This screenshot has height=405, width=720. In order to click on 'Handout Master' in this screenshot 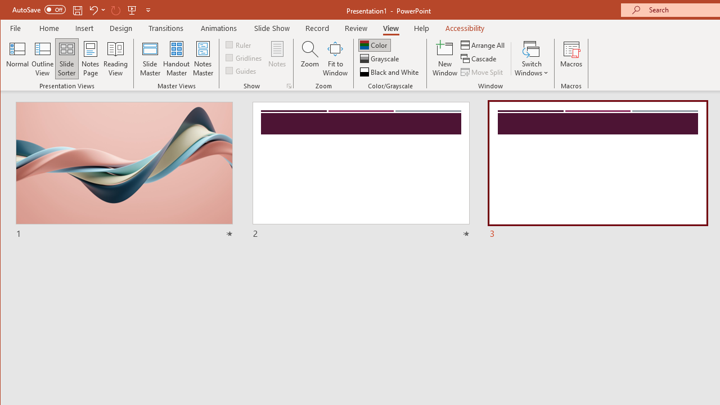, I will do `click(176, 58)`.